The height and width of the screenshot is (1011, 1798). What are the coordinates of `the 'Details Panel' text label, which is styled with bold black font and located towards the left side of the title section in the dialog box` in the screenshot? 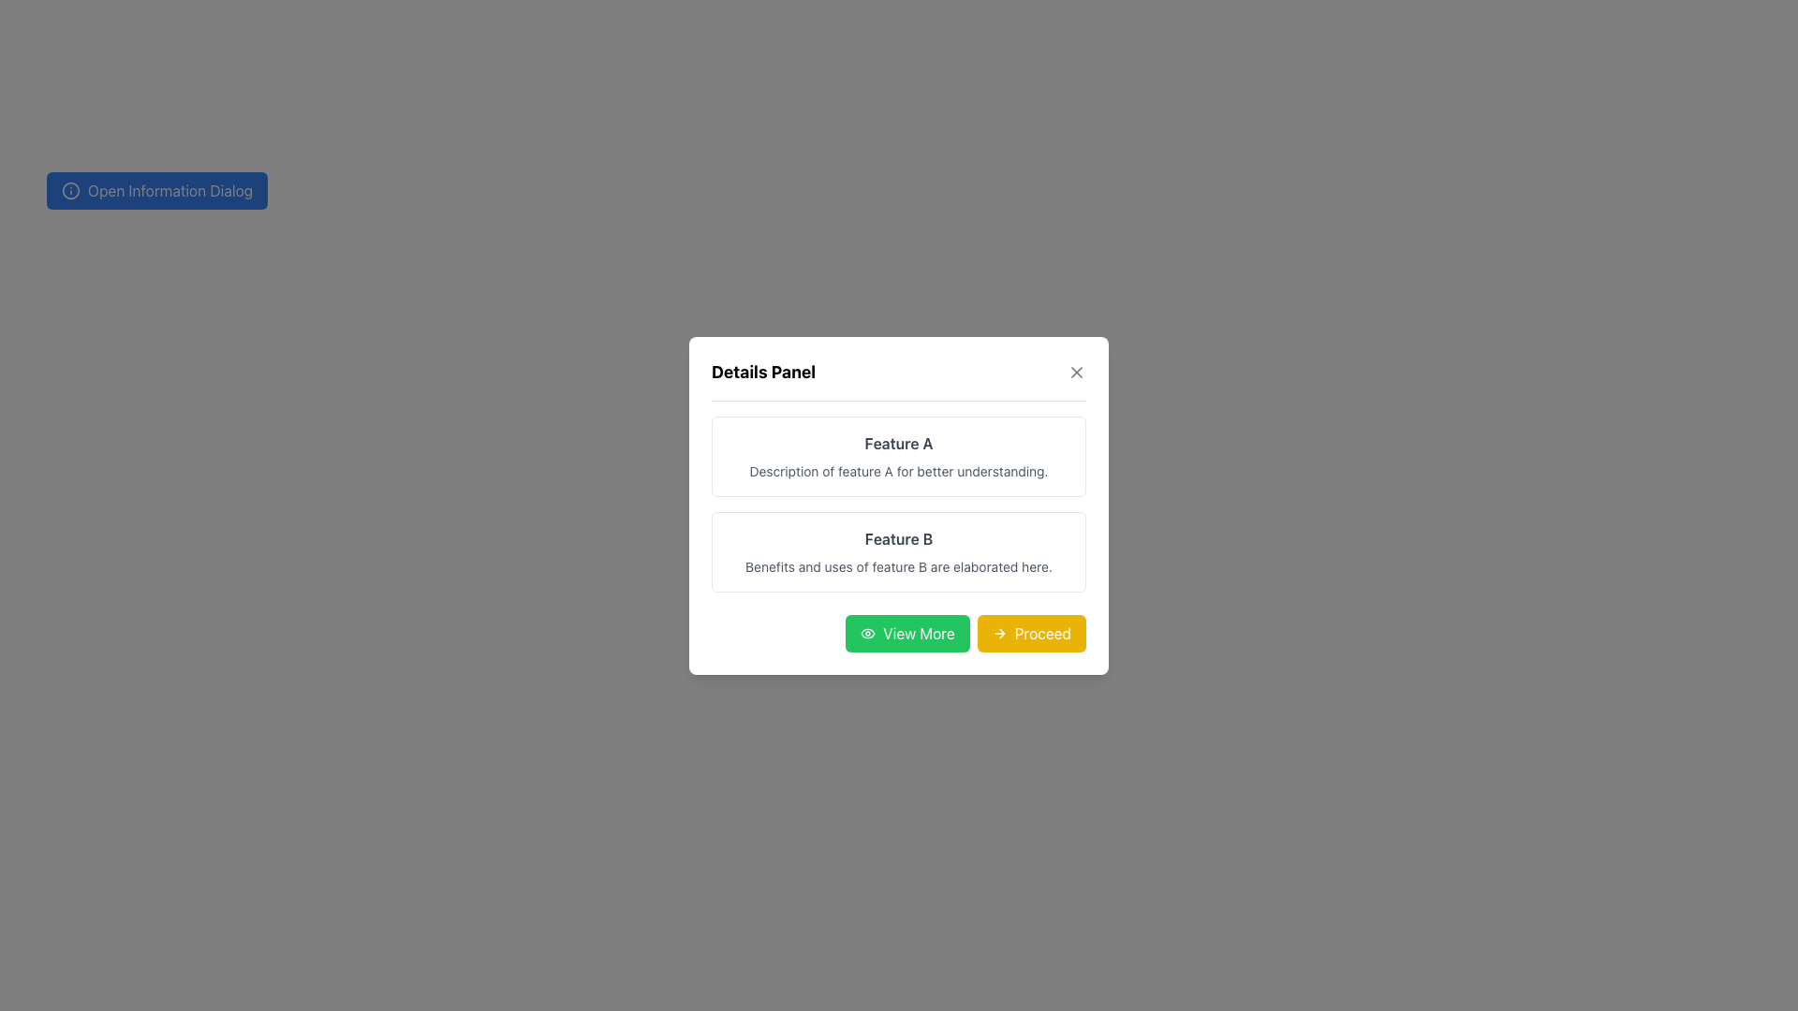 It's located at (763, 372).